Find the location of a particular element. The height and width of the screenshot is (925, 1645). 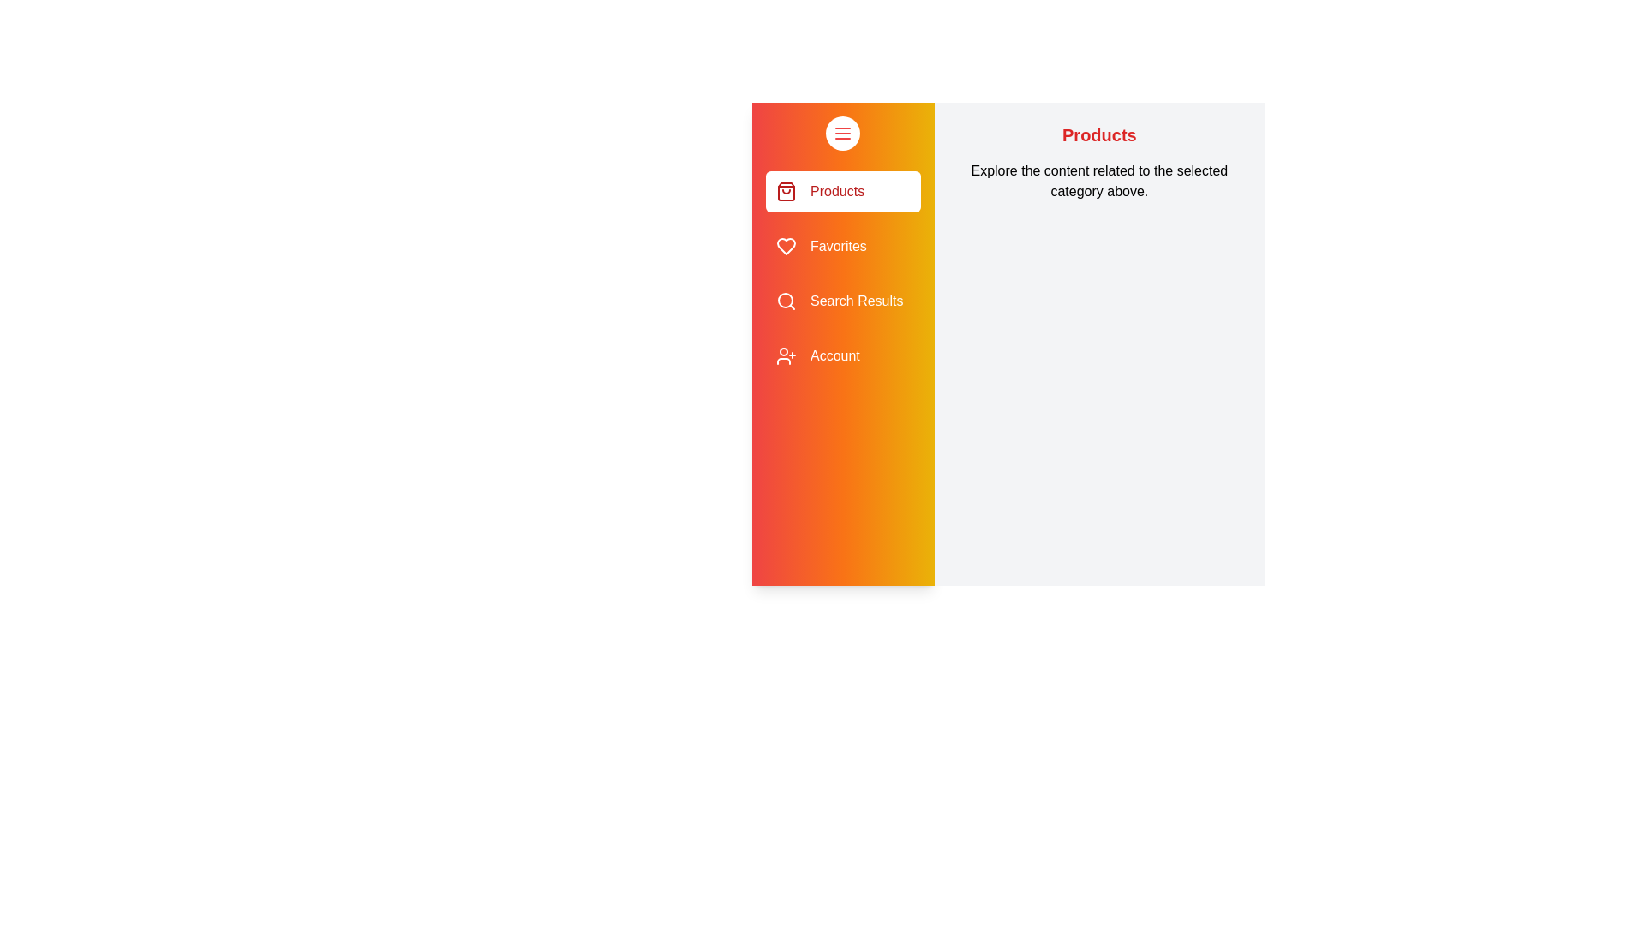

the toggle button to open or close the drawer is located at coordinates (843, 132).